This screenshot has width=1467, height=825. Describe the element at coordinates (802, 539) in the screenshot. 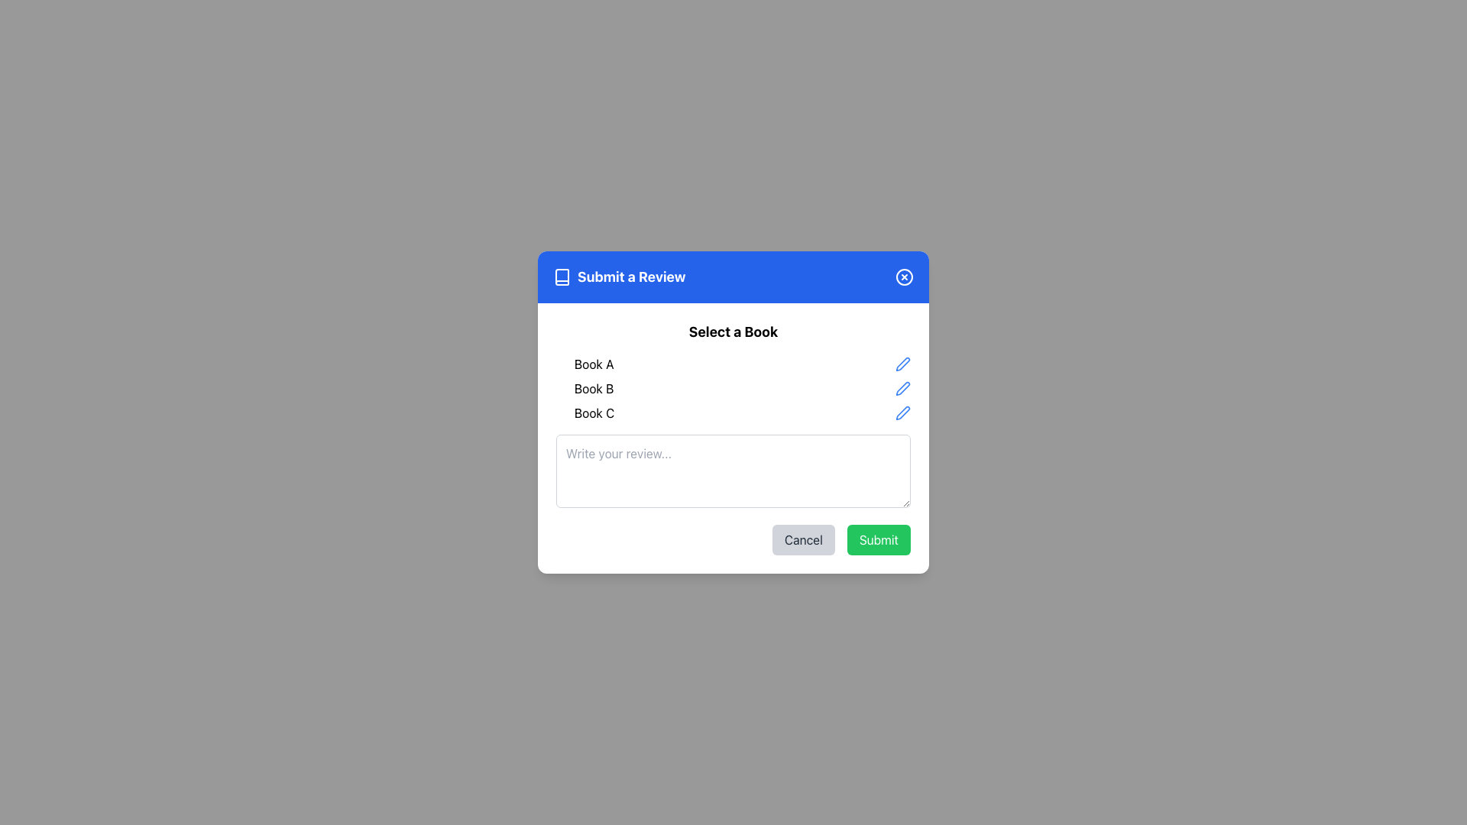

I see `the 'Cancel' button, which is a rectangular button with rounded corners, light gray background, and dark gray text located near the bottom-right of the dialog box` at that location.